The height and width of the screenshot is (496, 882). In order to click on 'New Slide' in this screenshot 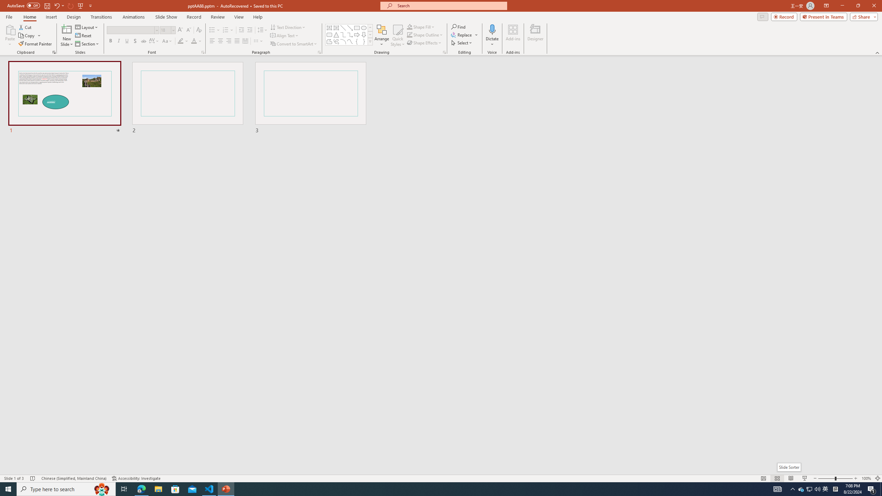, I will do `click(66, 29)`.